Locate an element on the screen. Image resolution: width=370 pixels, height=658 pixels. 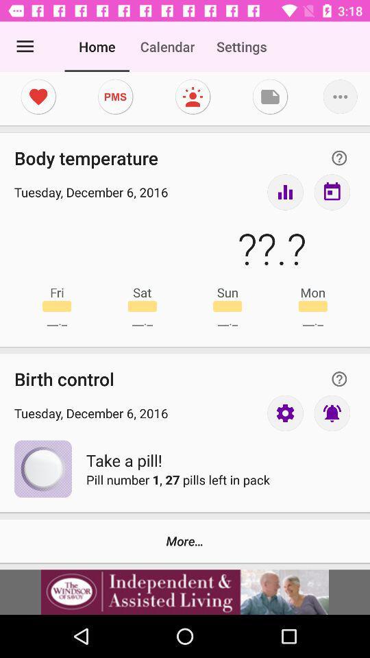
new page is located at coordinates (270, 96).